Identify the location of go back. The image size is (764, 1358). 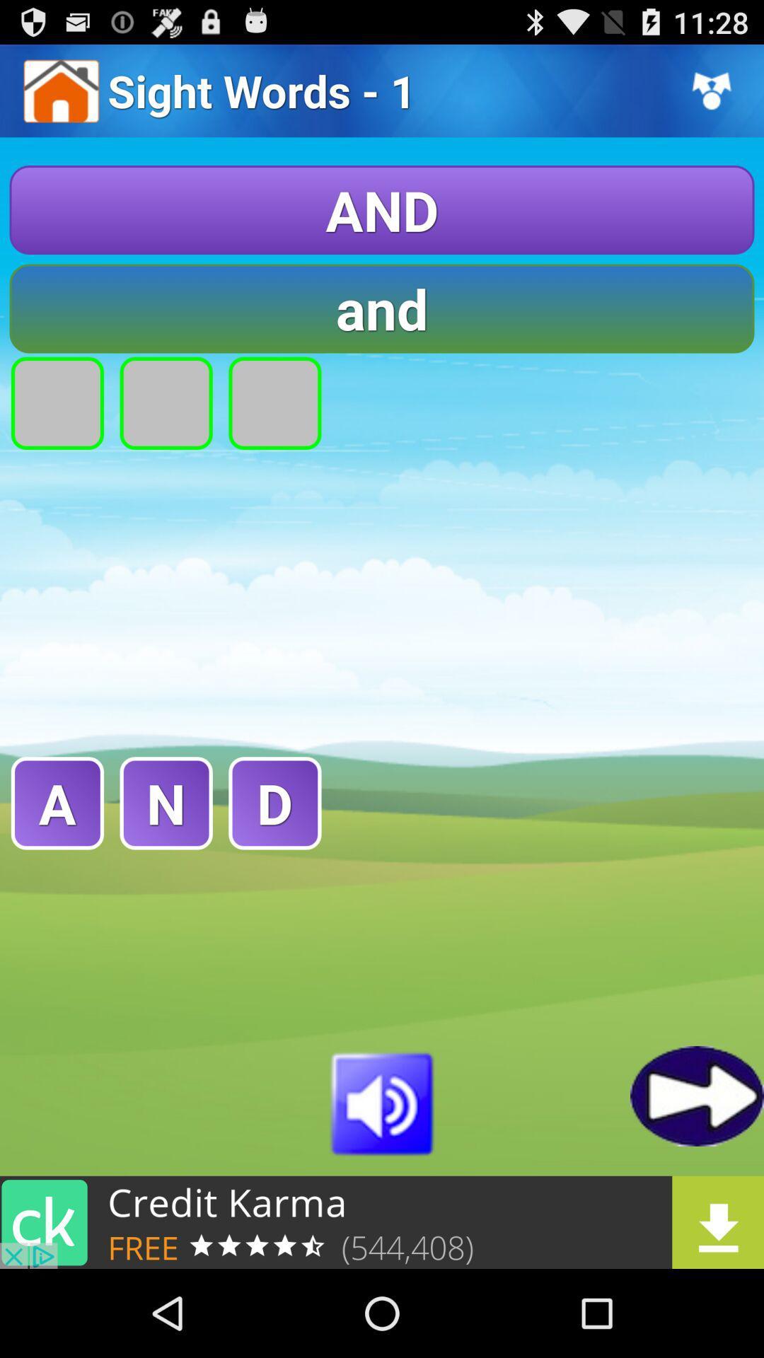
(696, 1095).